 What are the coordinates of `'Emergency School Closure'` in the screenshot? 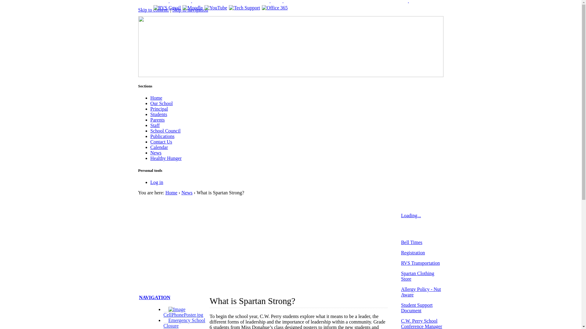 It's located at (164, 323).